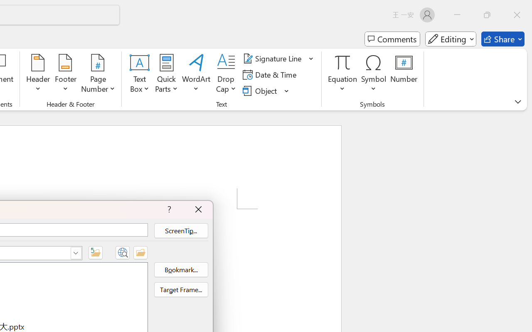 This screenshot has width=532, height=332. Describe the element at coordinates (271, 74) in the screenshot. I see `'Date & Time...'` at that location.